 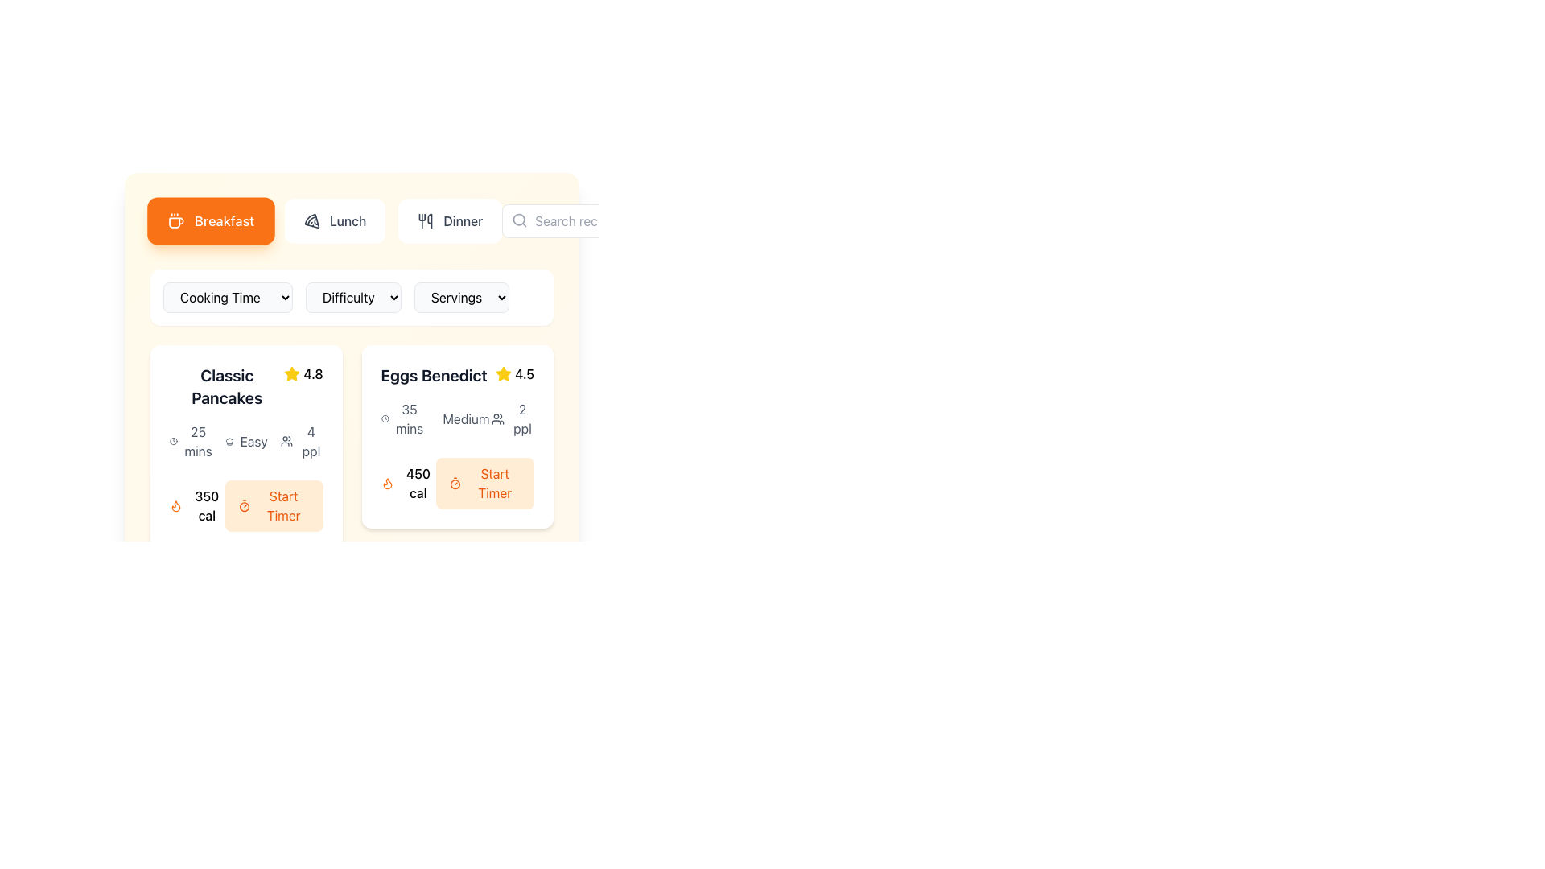 I want to click on the non-interactive text element displaying the estimated time required to prepare the 'Classic Pancakes' recipe, located in the leftmost card of the grid layout, so click(x=191, y=441).